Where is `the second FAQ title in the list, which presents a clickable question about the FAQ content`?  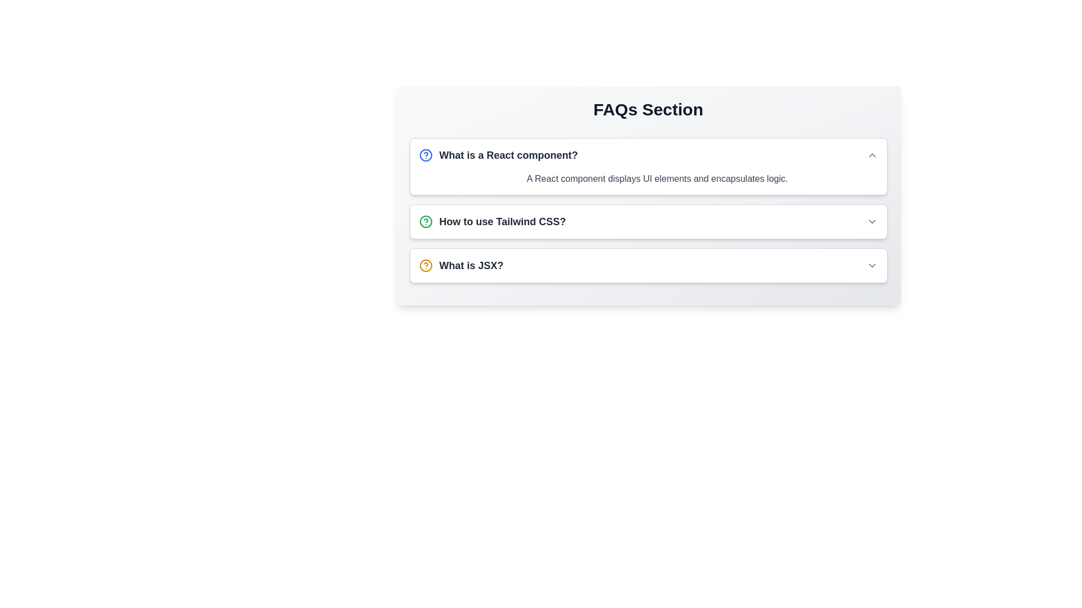
the second FAQ title in the list, which presents a clickable question about the FAQ content is located at coordinates (492, 221).